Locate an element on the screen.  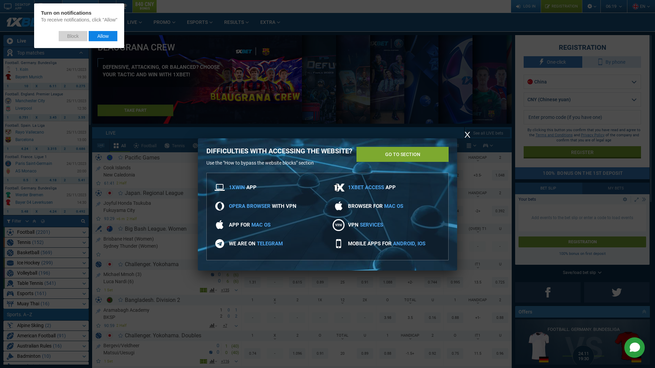
'VPN SERVICES' is located at coordinates (365, 225).